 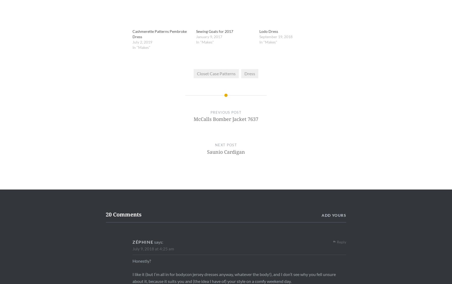 What do you see at coordinates (334, 215) in the screenshot?
I see `'Add yours'` at bounding box center [334, 215].